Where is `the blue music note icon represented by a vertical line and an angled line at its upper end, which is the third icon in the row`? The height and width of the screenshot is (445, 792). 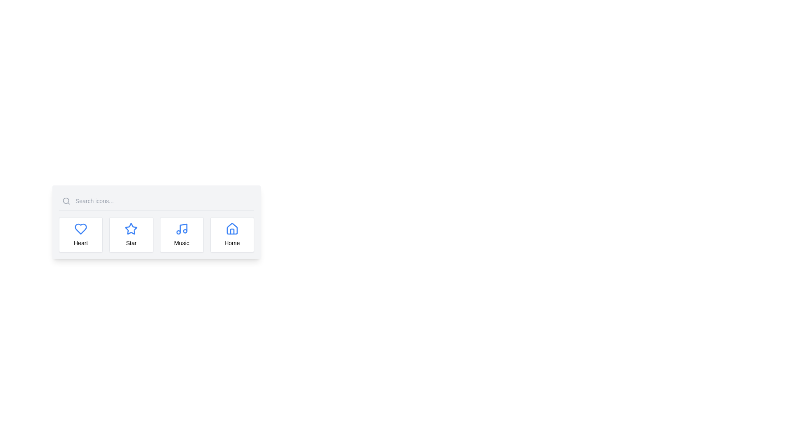 the blue music note icon represented by a vertical line and an angled line at its upper end, which is the third icon in the row is located at coordinates (183, 228).